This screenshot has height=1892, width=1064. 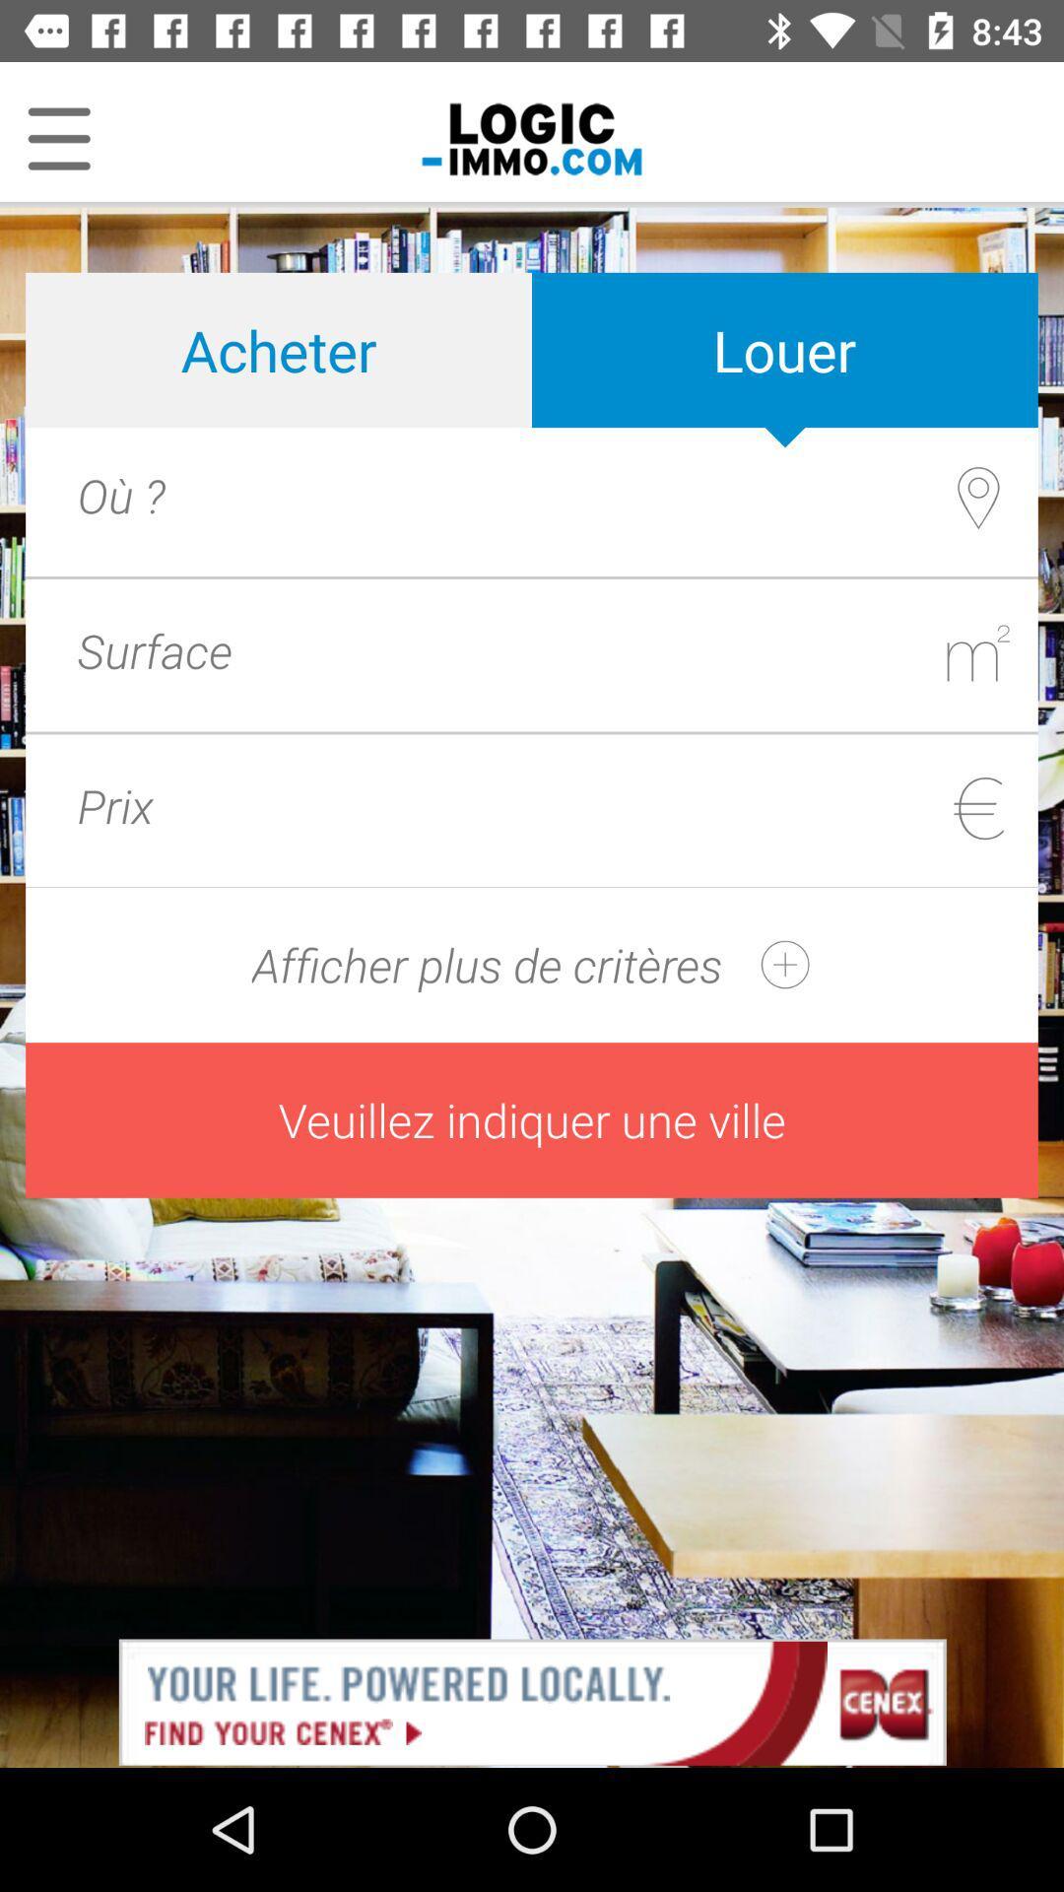 I want to click on details about advertisement, so click(x=532, y=1700).